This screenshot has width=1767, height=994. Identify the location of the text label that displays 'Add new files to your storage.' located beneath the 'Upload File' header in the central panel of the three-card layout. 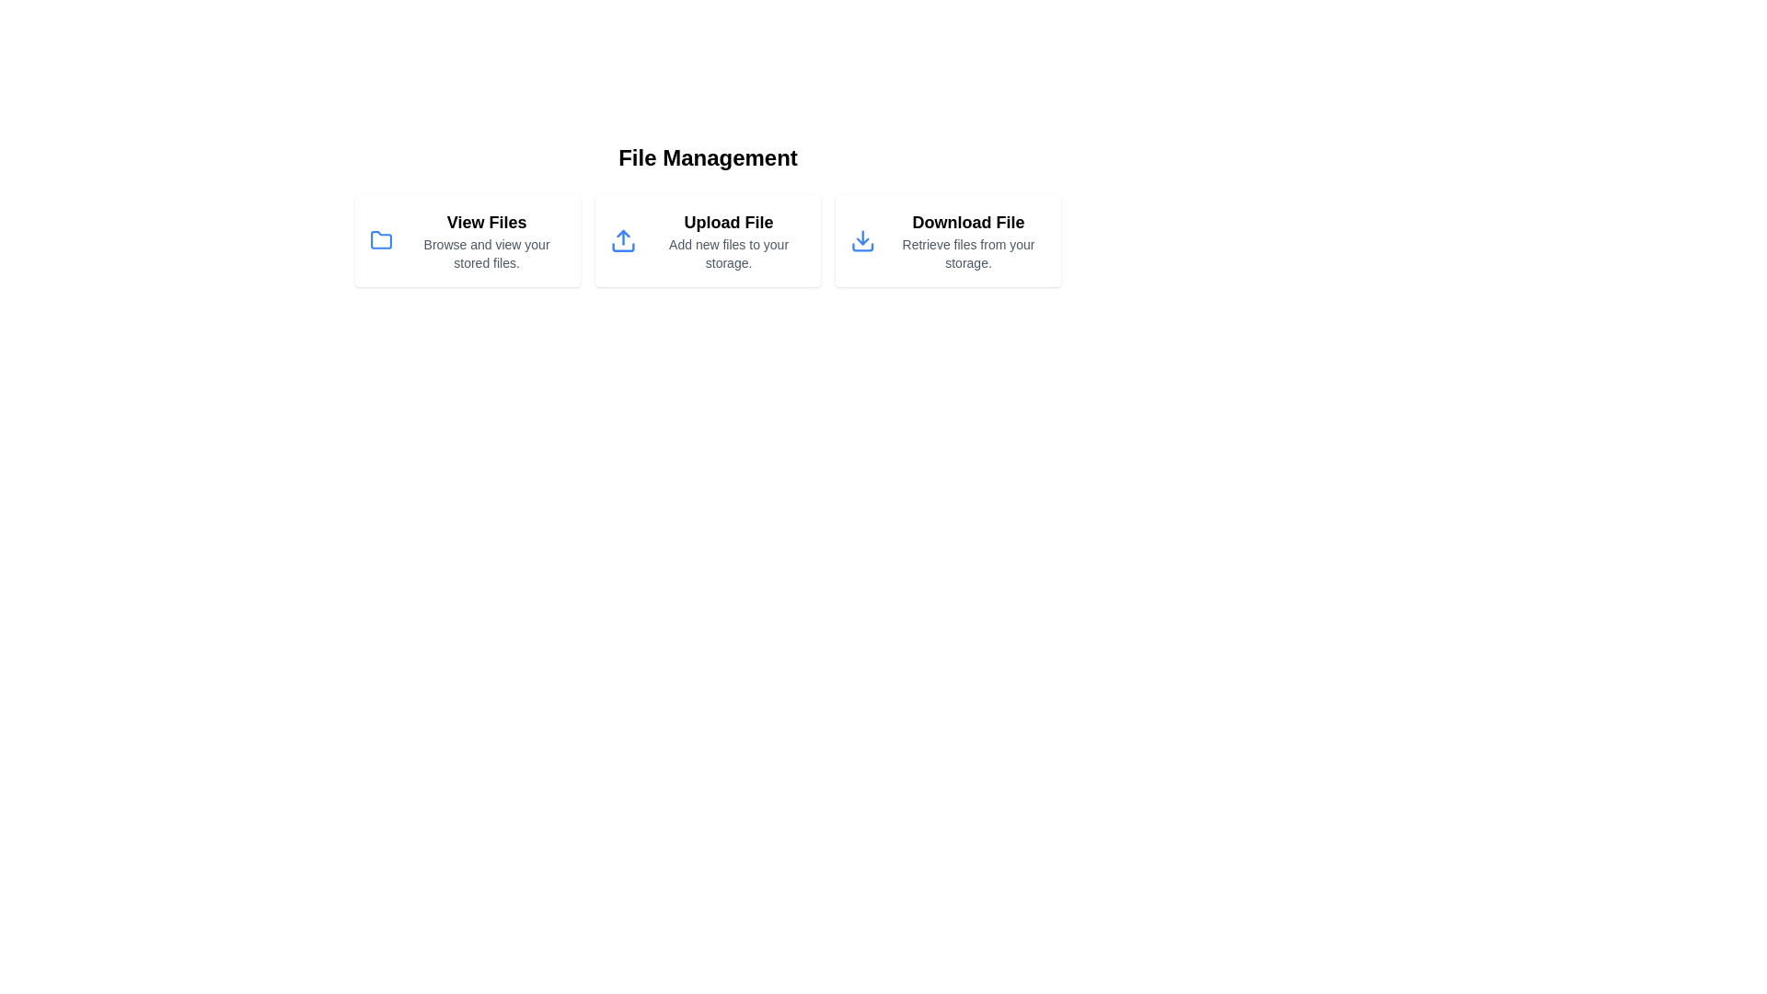
(728, 254).